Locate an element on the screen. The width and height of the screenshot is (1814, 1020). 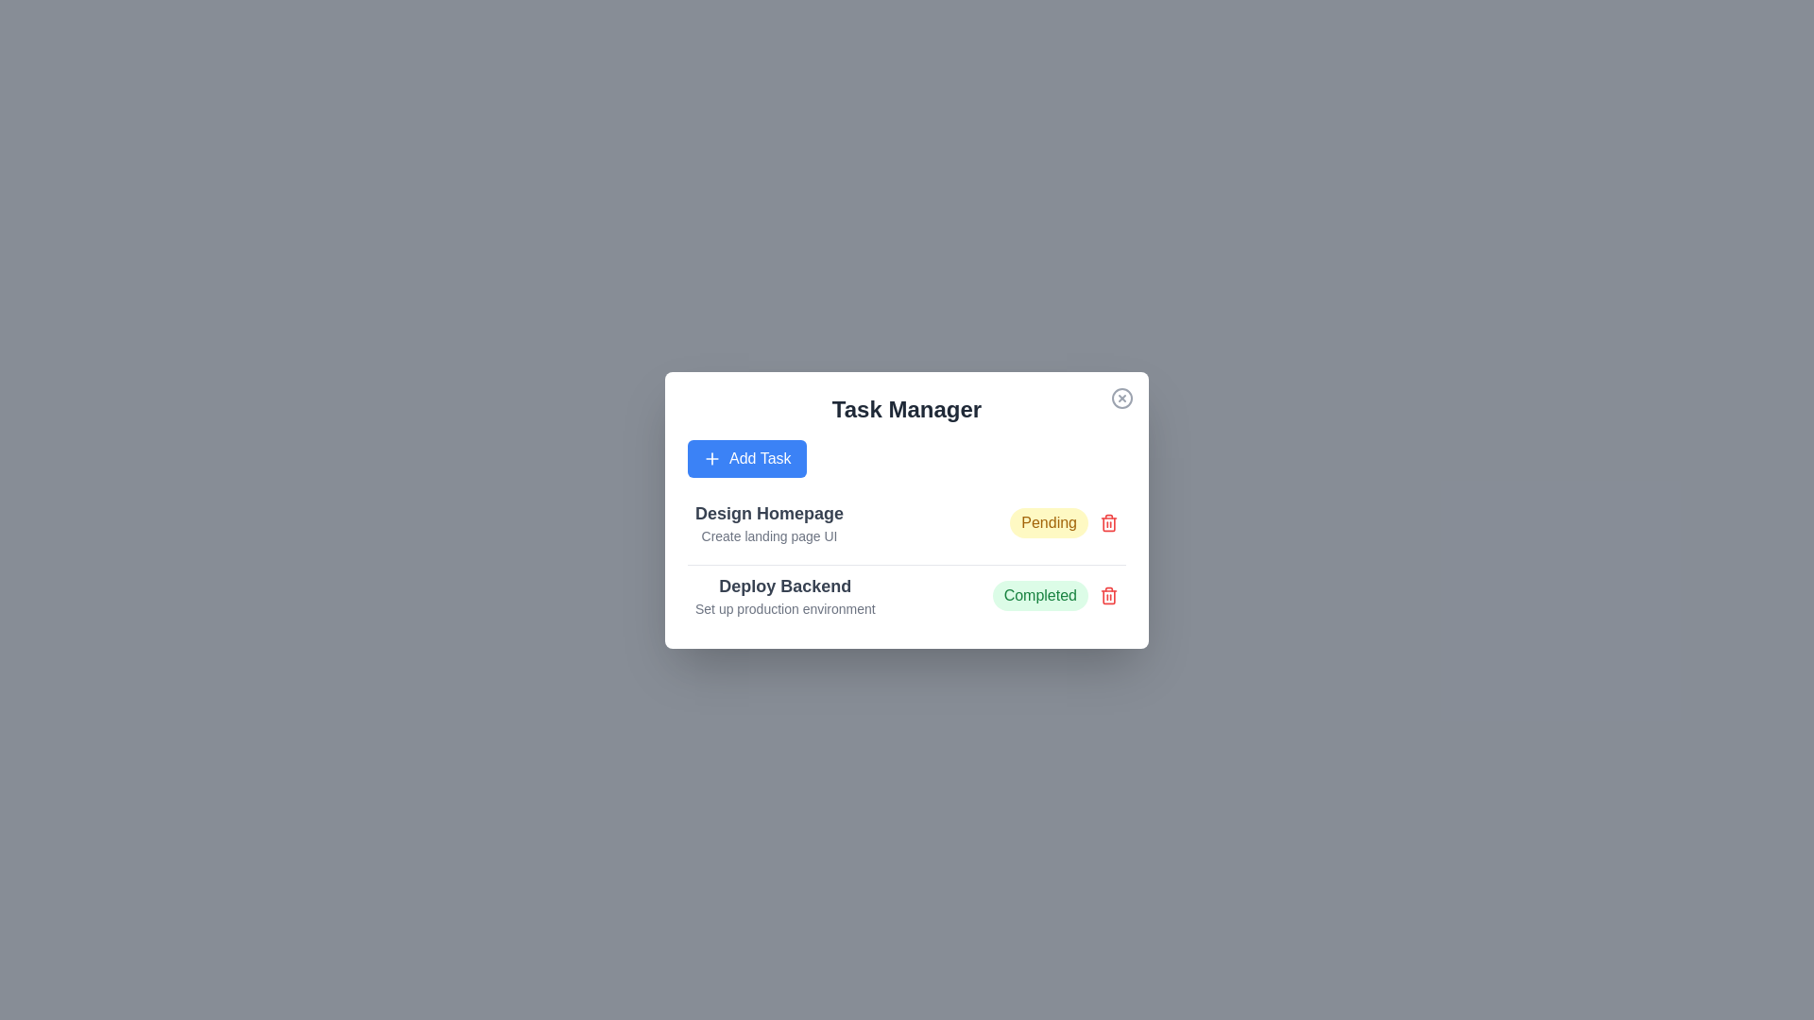
the text element that describes the 'Design Homepage' task in the 'Task Manager' interface, located immediately below the main task title is located at coordinates (769, 535).